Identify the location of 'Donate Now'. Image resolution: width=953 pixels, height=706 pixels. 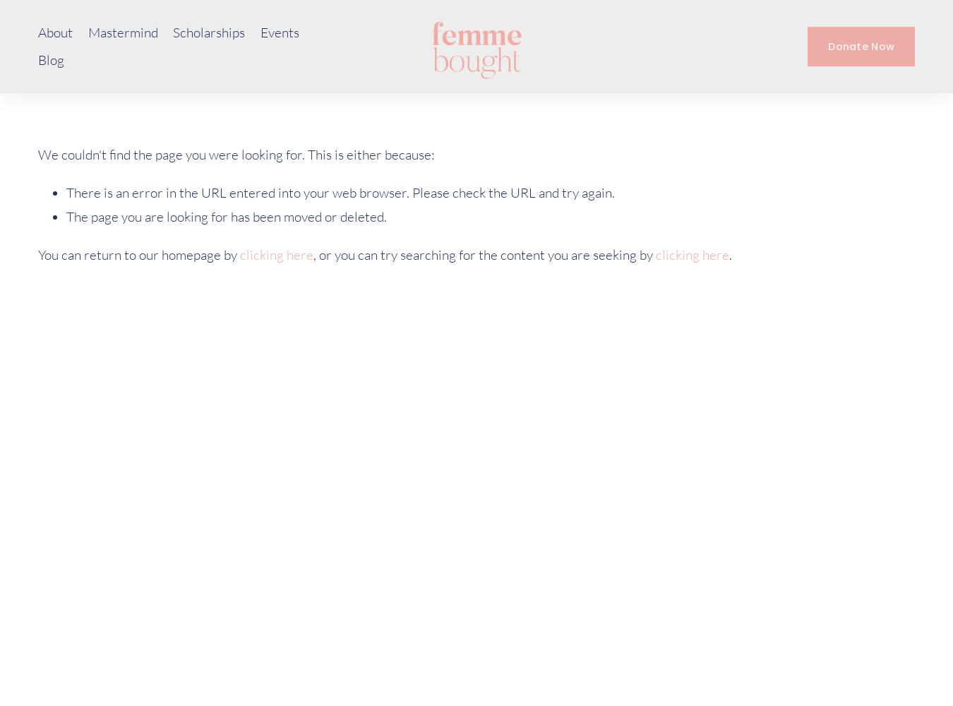
(860, 45).